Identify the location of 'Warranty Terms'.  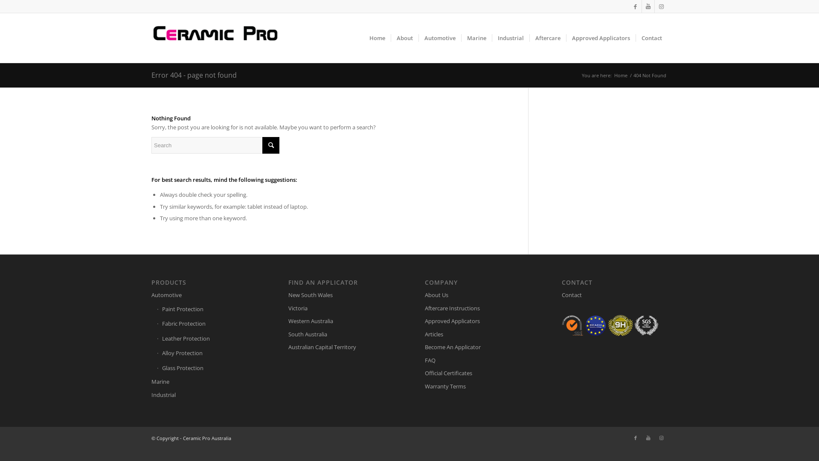
(477, 387).